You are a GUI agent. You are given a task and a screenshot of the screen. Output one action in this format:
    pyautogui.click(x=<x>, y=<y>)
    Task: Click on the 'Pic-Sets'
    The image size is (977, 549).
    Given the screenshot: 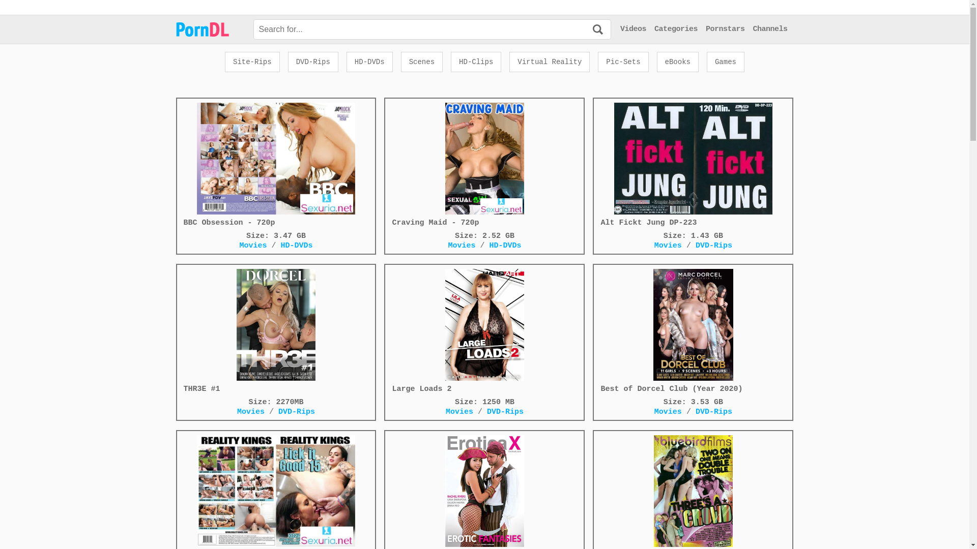 What is the action you would take?
    pyautogui.click(x=622, y=62)
    